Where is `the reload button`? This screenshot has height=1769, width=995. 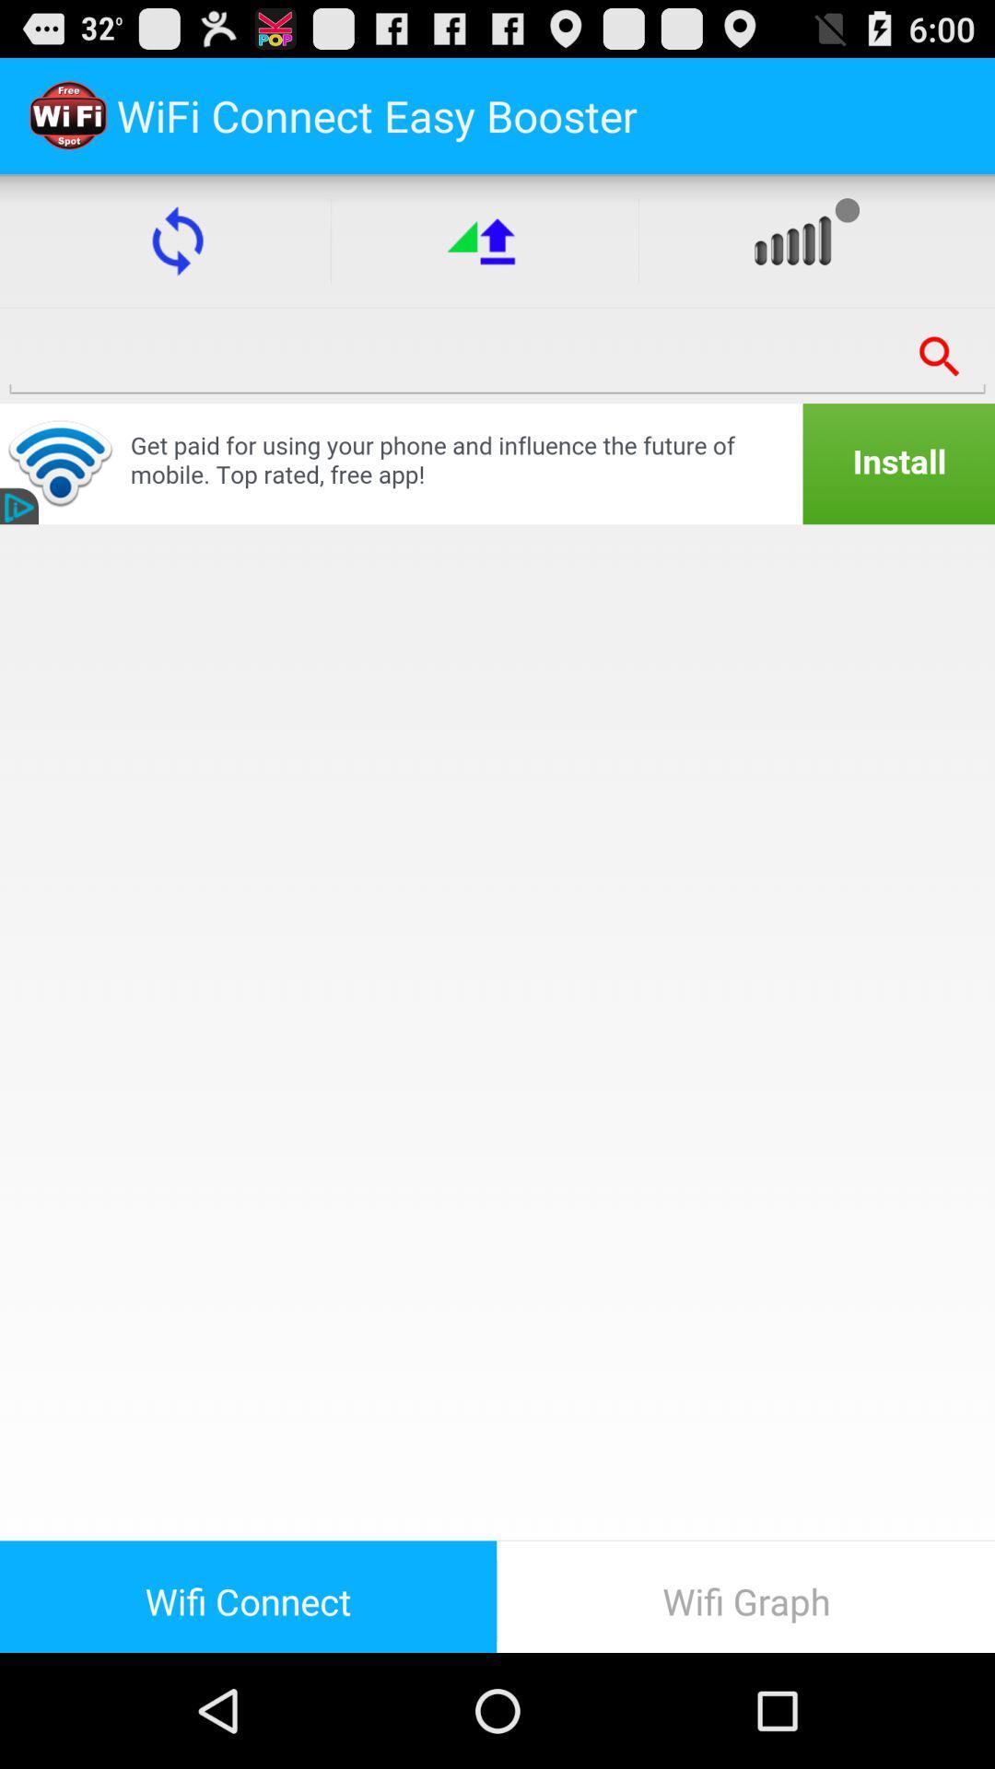 the reload button is located at coordinates (177, 240).